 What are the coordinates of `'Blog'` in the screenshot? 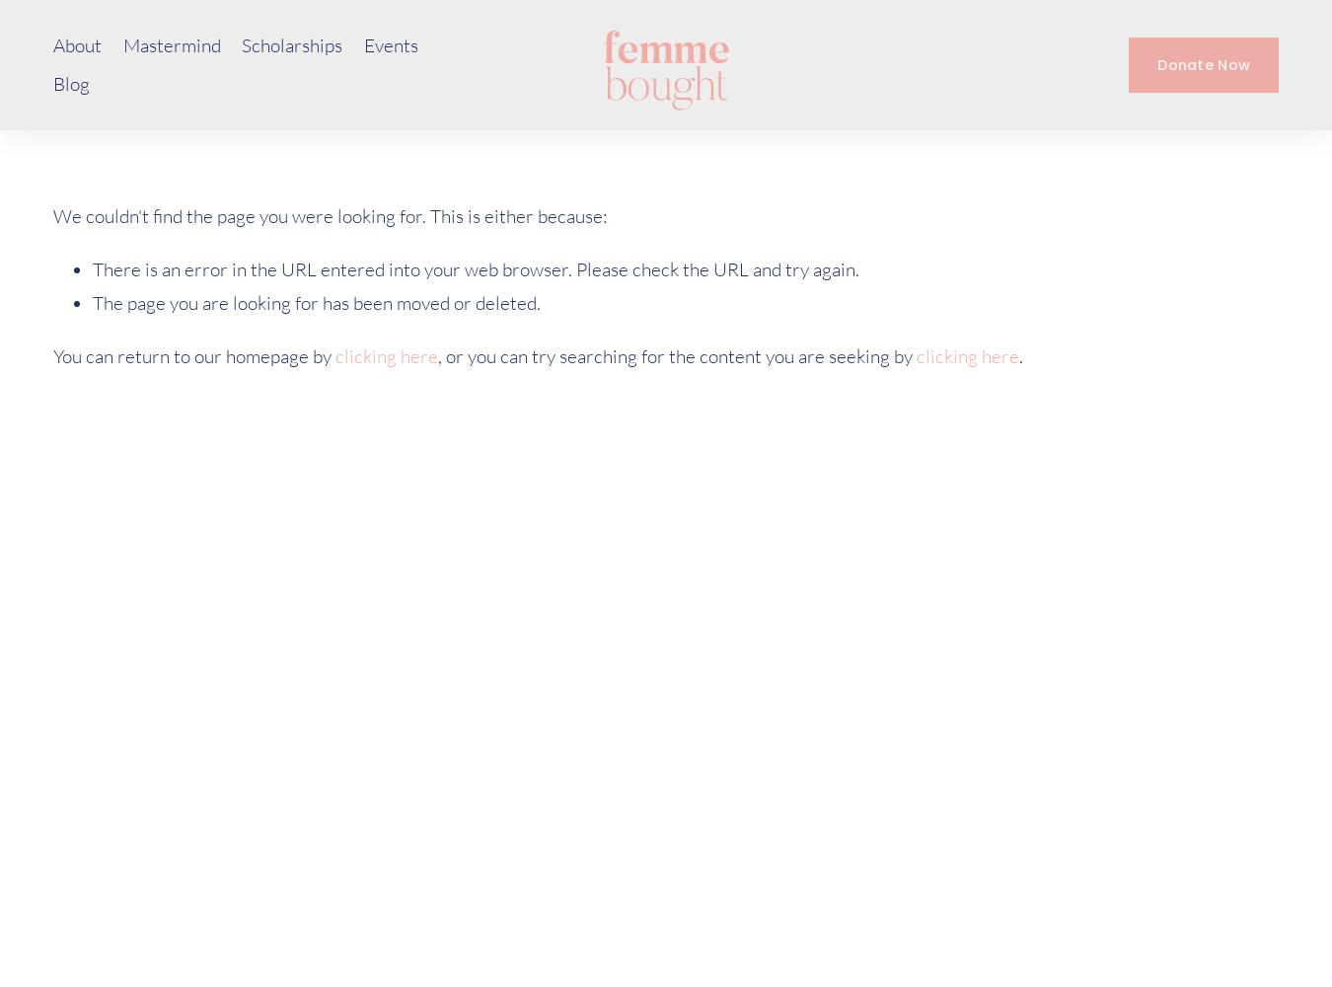 It's located at (70, 82).